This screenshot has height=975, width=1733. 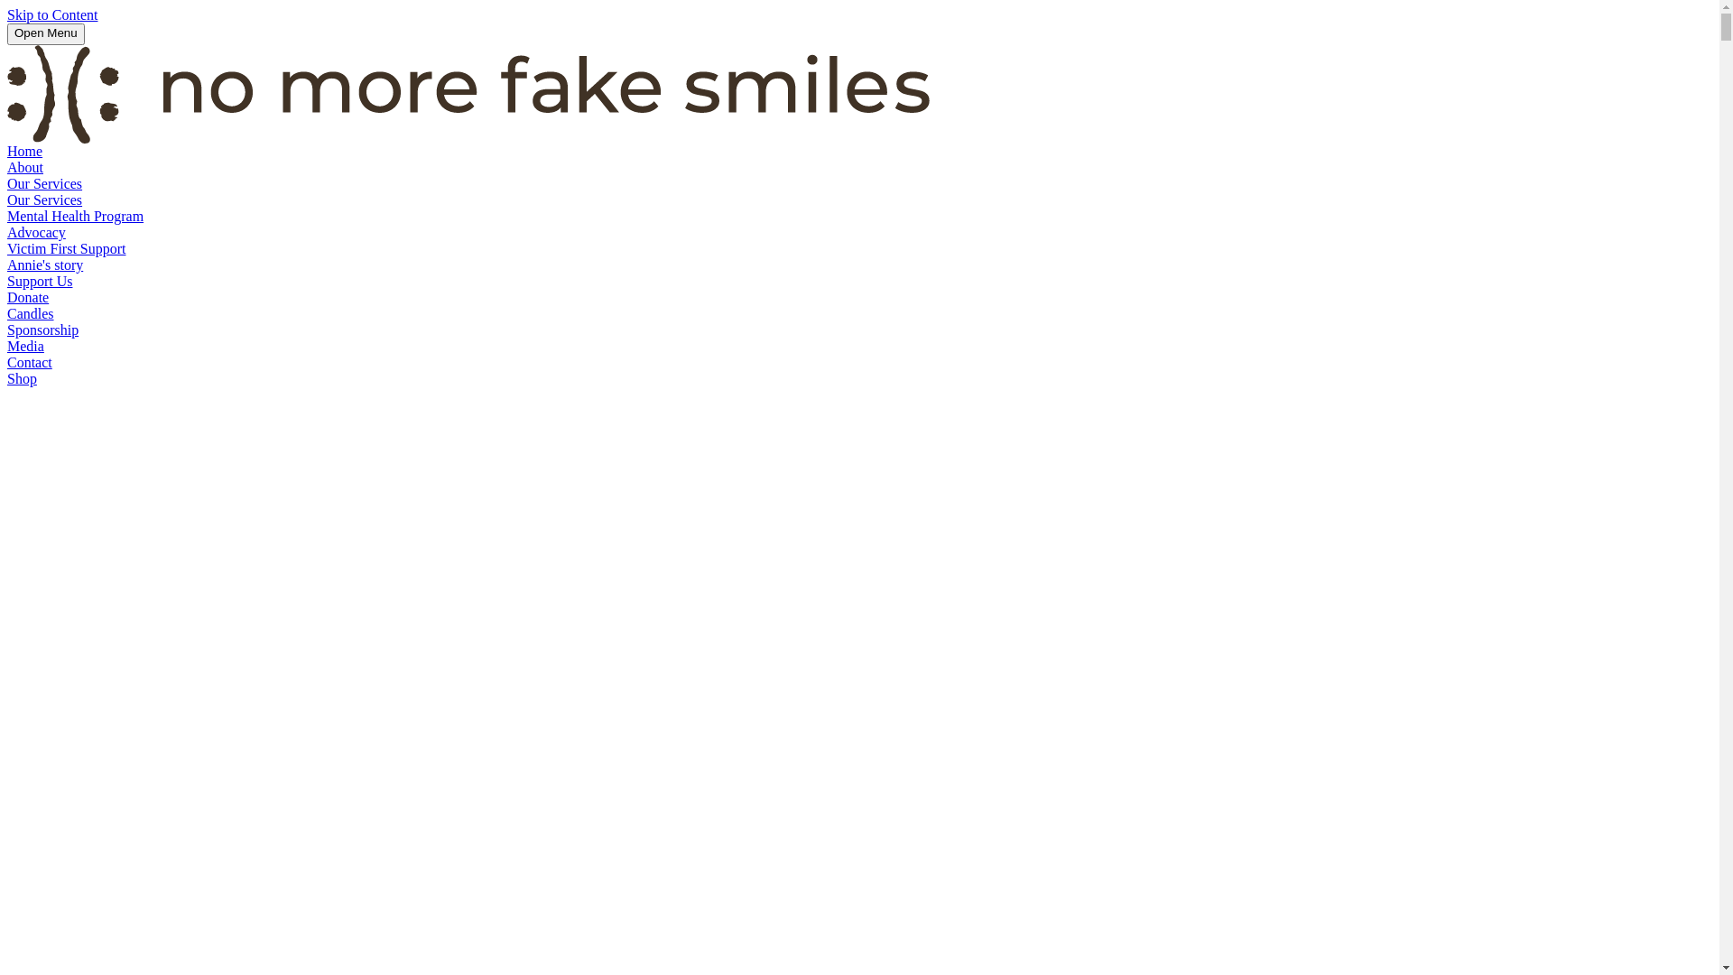 What do you see at coordinates (7, 377) in the screenshot?
I see `'Shop'` at bounding box center [7, 377].